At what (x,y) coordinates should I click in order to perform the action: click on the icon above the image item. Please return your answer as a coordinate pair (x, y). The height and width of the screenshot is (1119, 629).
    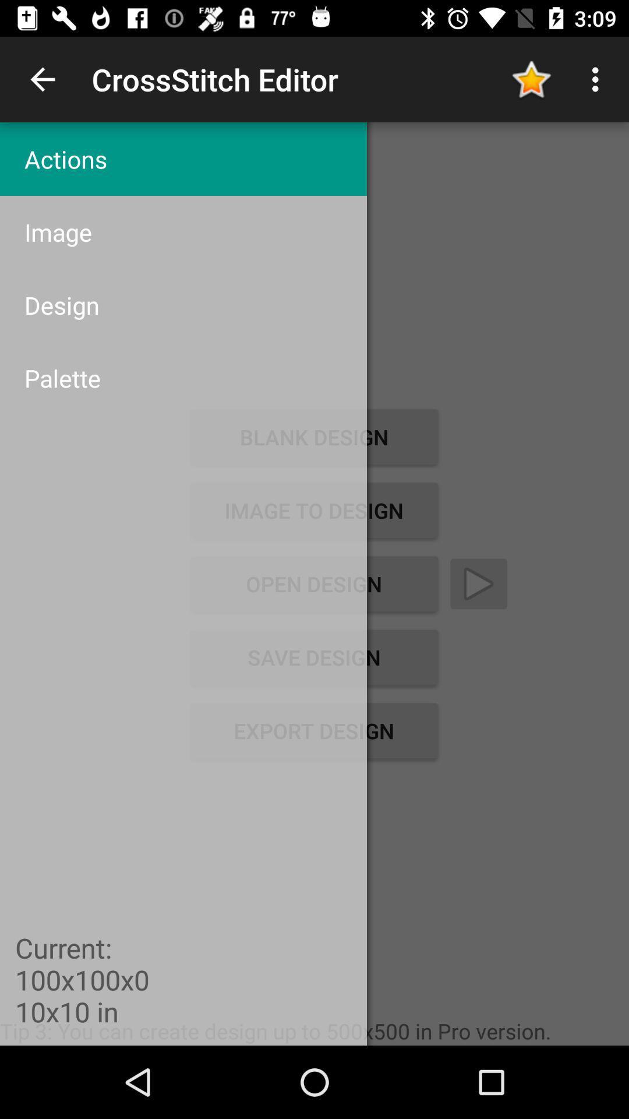
    Looking at the image, I should click on (183, 159).